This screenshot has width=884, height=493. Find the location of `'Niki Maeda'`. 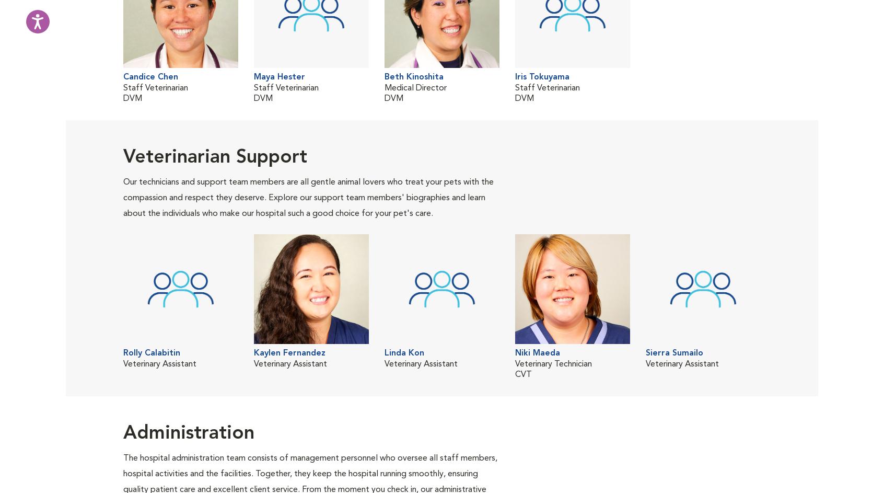

'Niki Maeda' is located at coordinates (537, 353).